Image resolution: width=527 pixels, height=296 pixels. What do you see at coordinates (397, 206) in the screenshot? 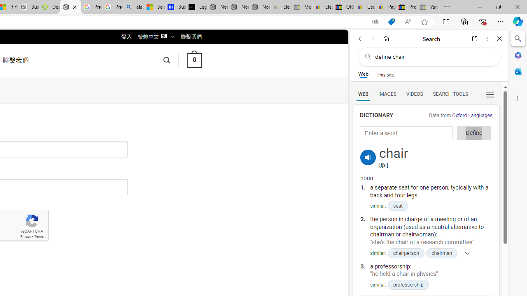
I see `'seat'` at bounding box center [397, 206].